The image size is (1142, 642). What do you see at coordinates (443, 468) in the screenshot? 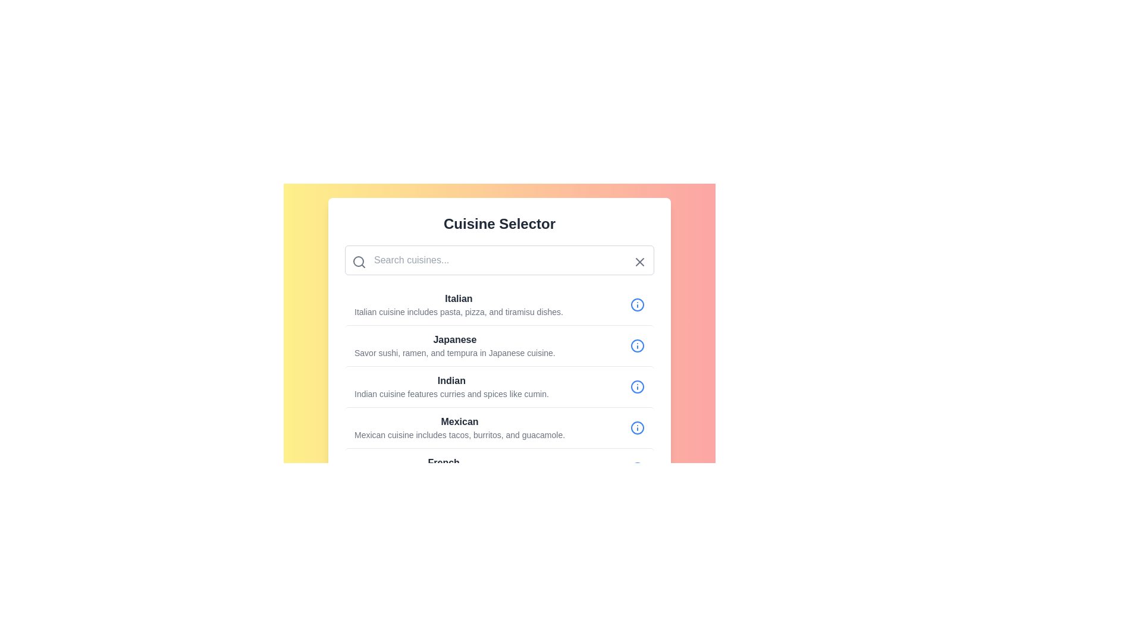
I see `information displayed in the text block titled 'French' which describes French cuisine, located at the bottom of the 'Cuisine Selector' section` at bounding box center [443, 468].